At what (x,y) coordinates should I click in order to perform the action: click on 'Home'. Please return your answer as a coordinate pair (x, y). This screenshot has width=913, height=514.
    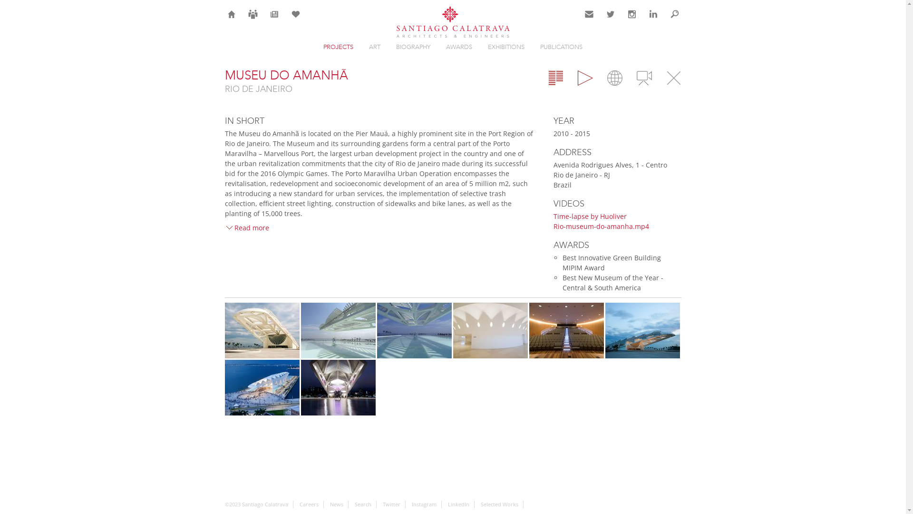
    Looking at the image, I should click on (231, 14).